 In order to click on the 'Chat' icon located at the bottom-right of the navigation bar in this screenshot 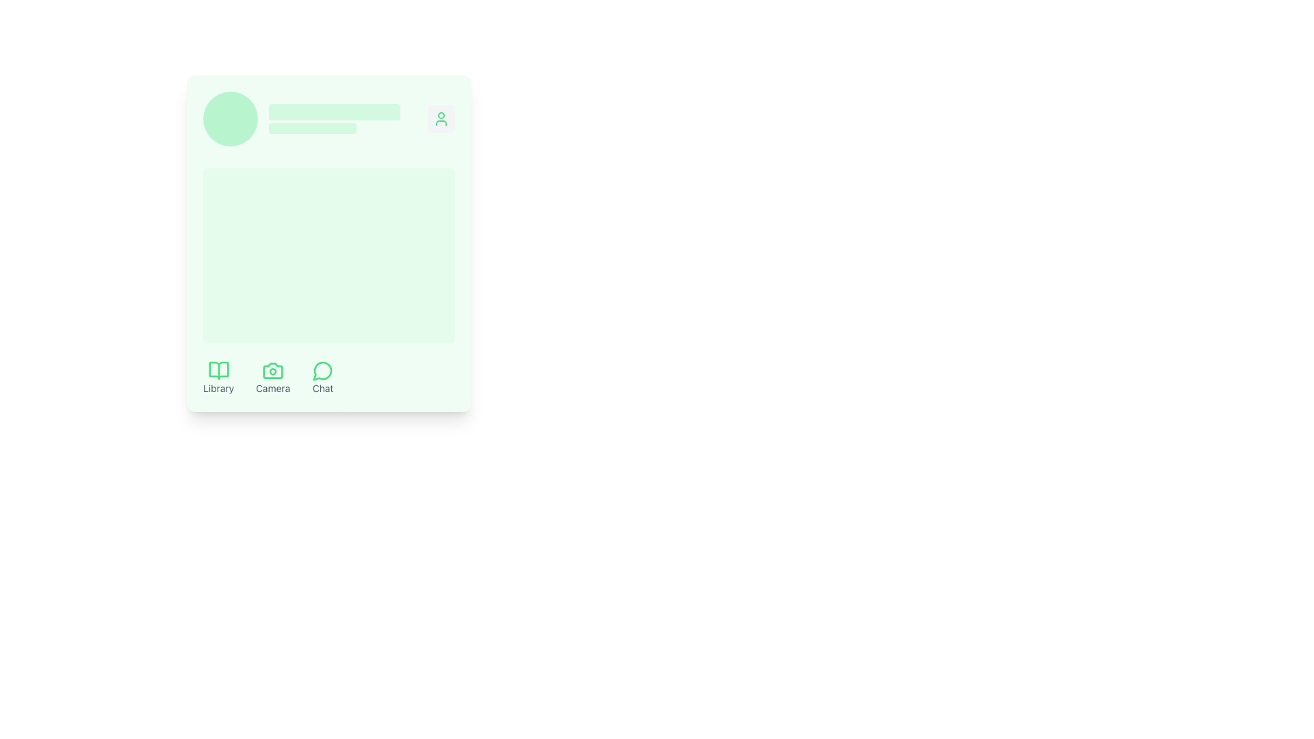, I will do `click(322, 371)`.